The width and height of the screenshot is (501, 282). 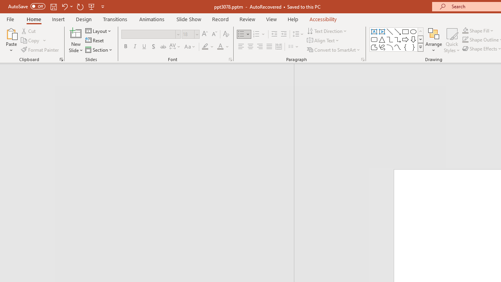 I want to click on 'Customize Quick Access Toolbar', so click(x=103, y=6).